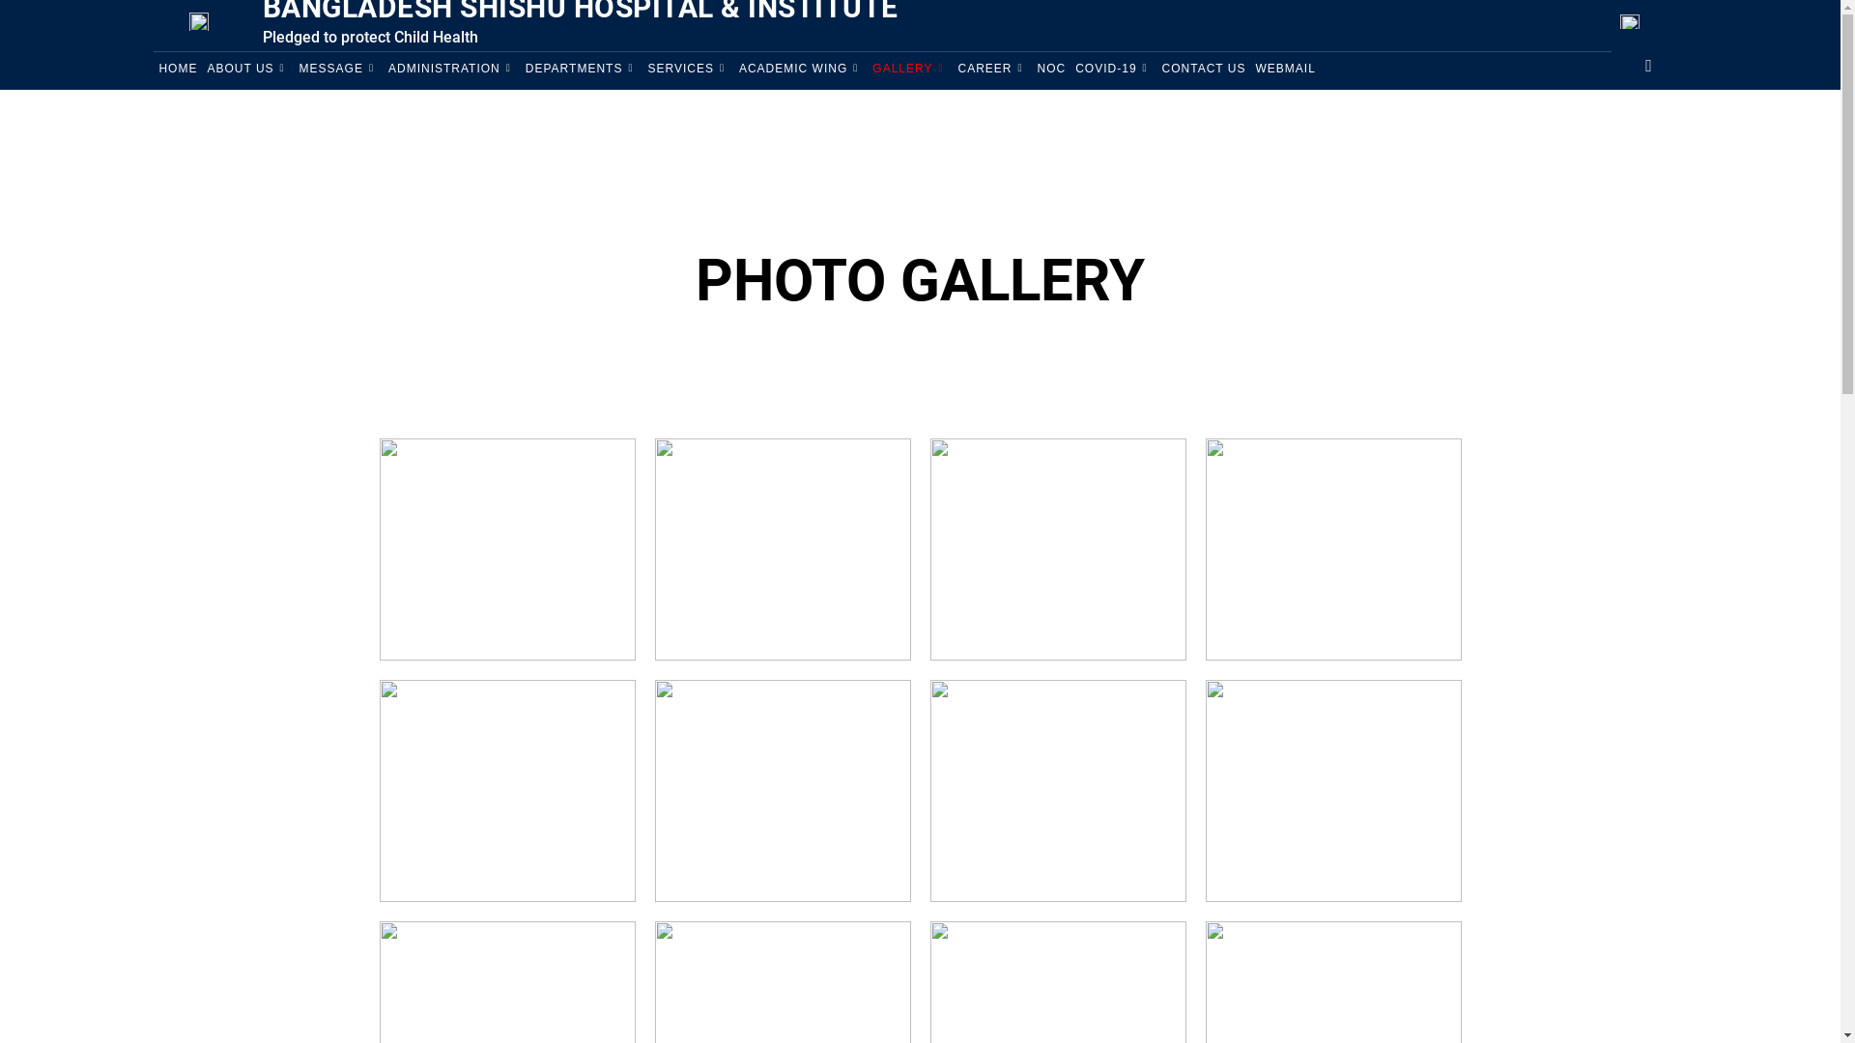  What do you see at coordinates (1113, 67) in the screenshot?
I see `'COVID-19'` at bounding box center [1113, 67].